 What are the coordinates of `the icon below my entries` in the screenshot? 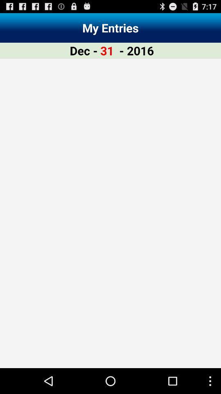 It's located at (107, 50).